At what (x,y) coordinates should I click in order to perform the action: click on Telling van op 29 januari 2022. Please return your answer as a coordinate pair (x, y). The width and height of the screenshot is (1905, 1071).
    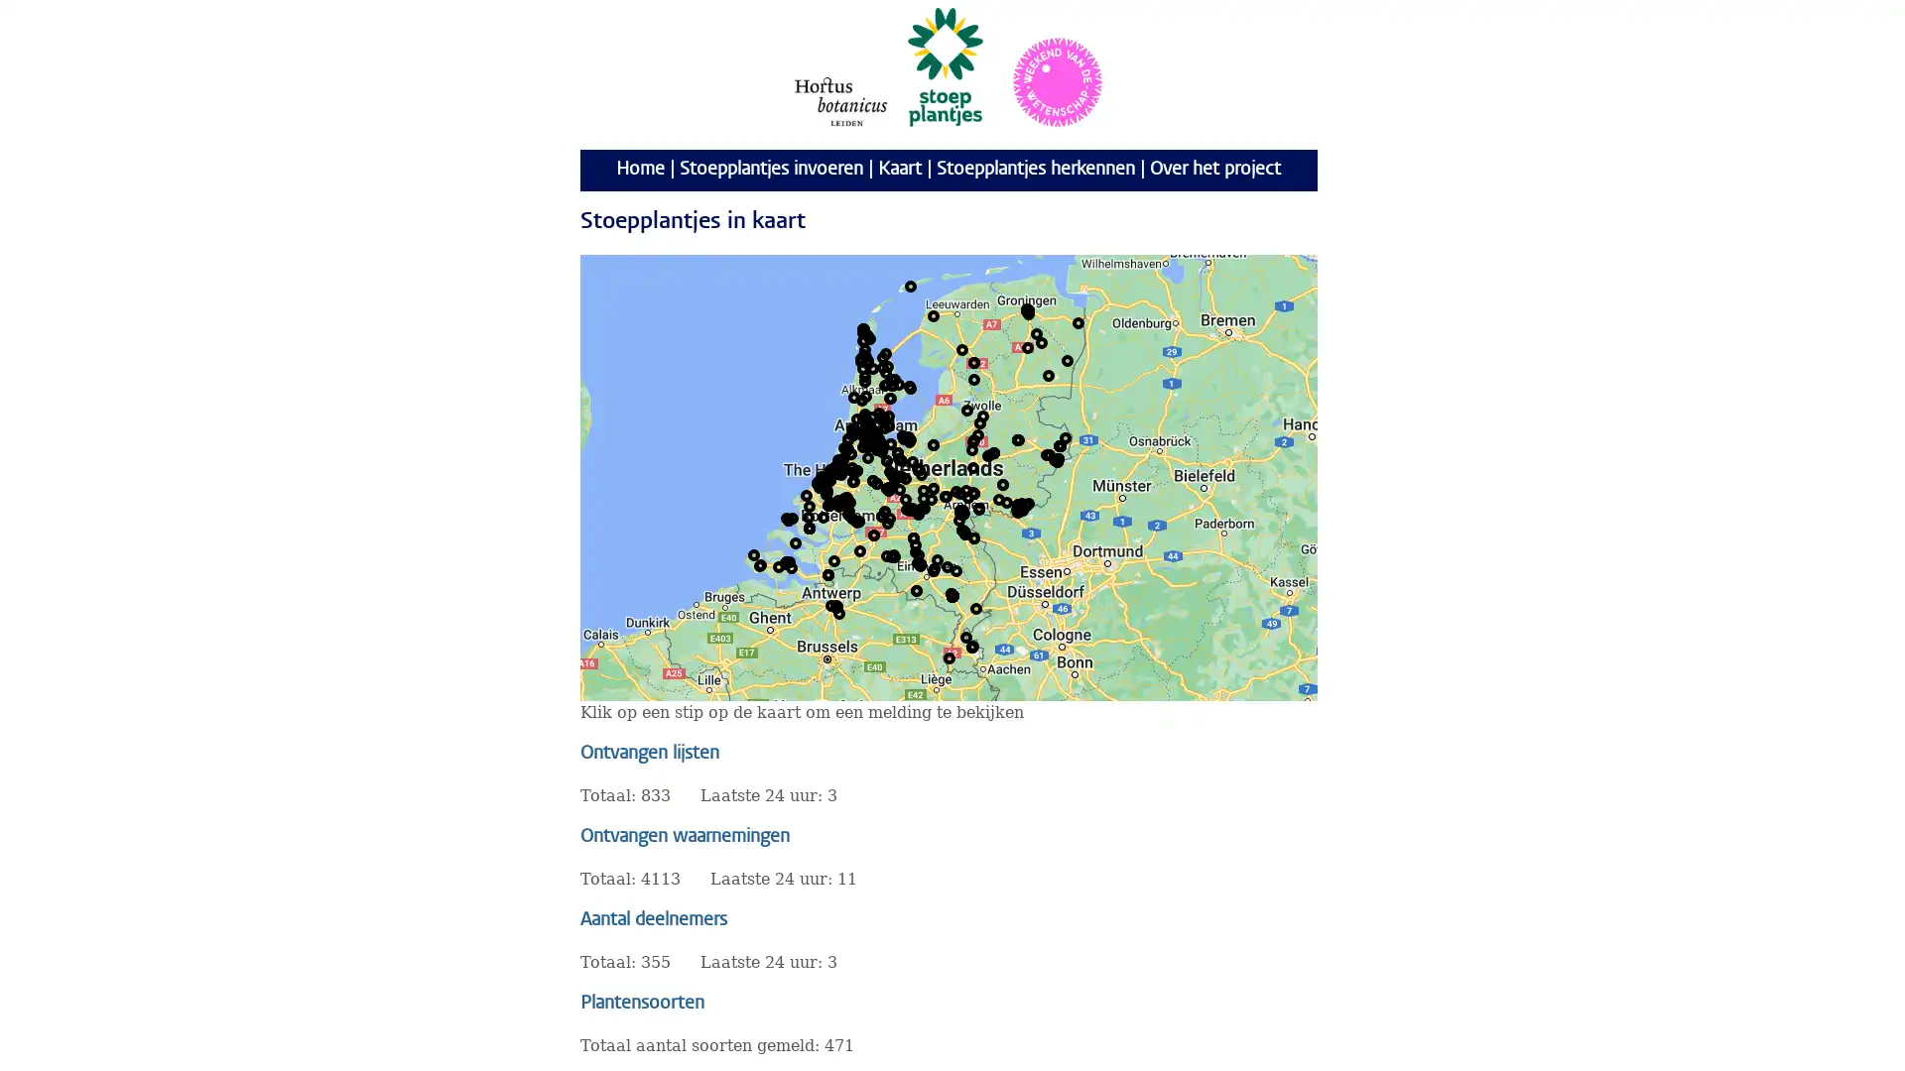
    Looking at the image, I should click on (866, 434).